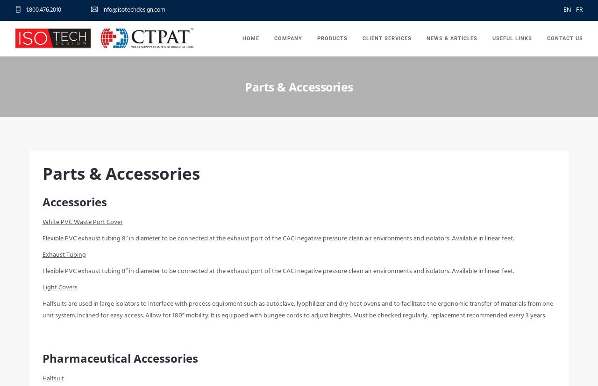 Image resolution: width=598 pixels, height=386 pixels. Describe the element at coordinates (400, 104) in the screenshot. I see `'Instructional Videos'` at that location.